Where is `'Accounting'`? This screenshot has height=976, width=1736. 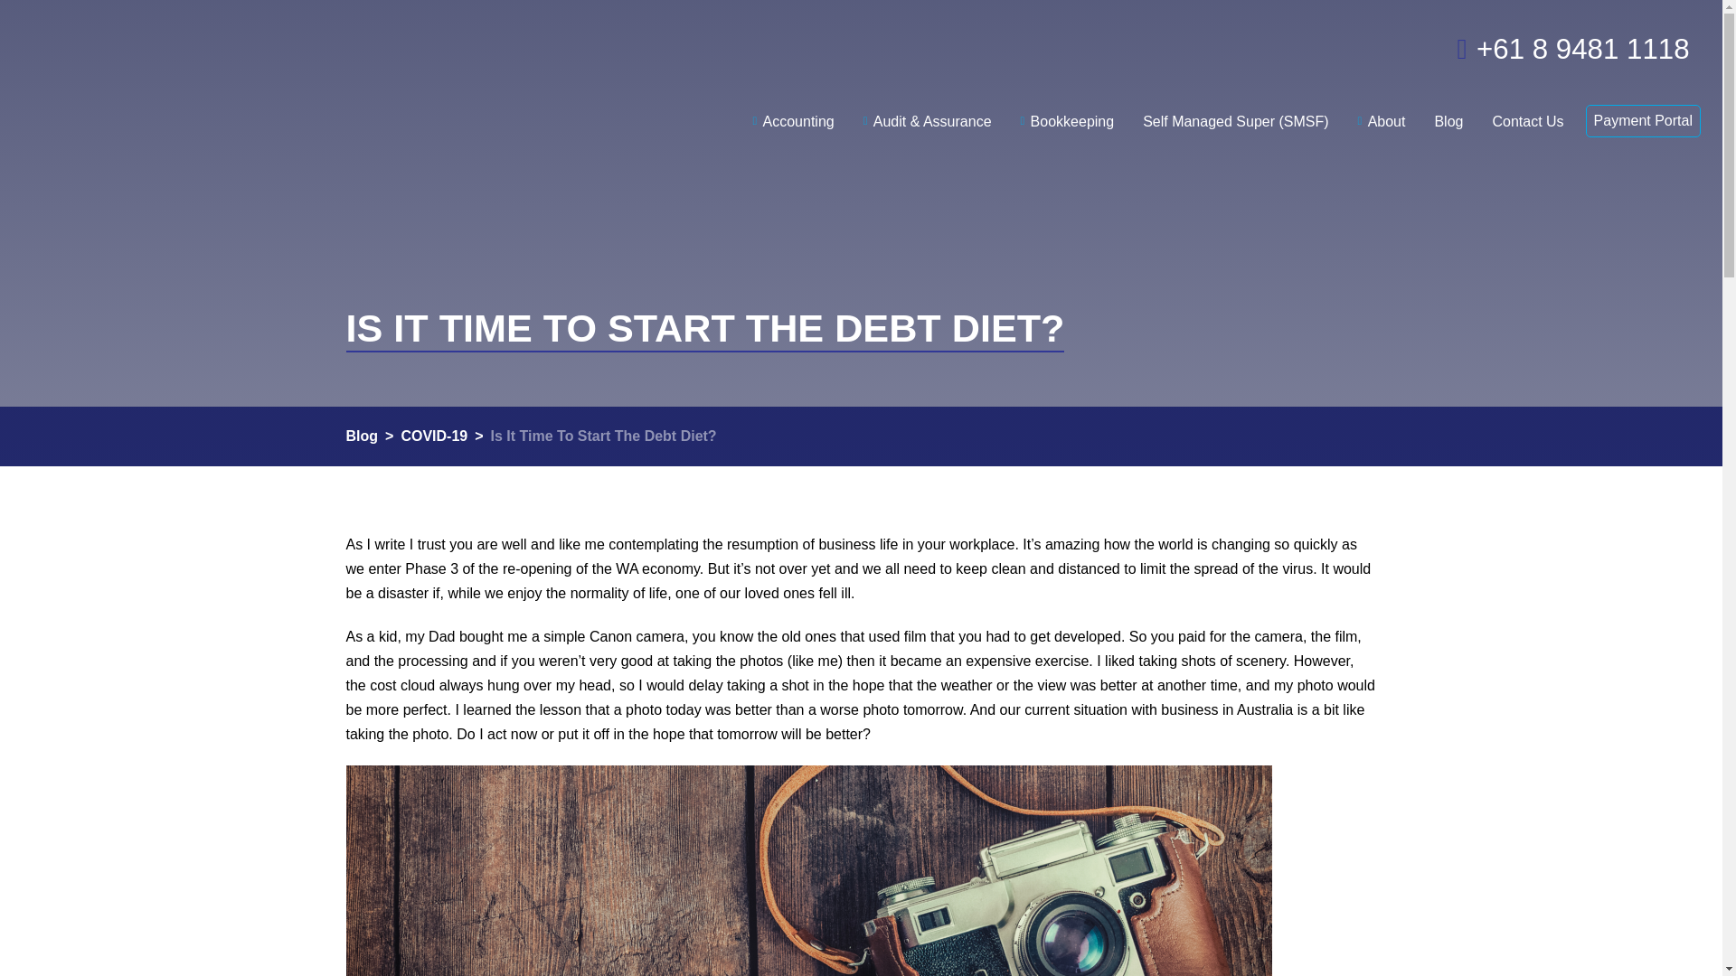 'Accounting' is located at coordinates (793, 108).